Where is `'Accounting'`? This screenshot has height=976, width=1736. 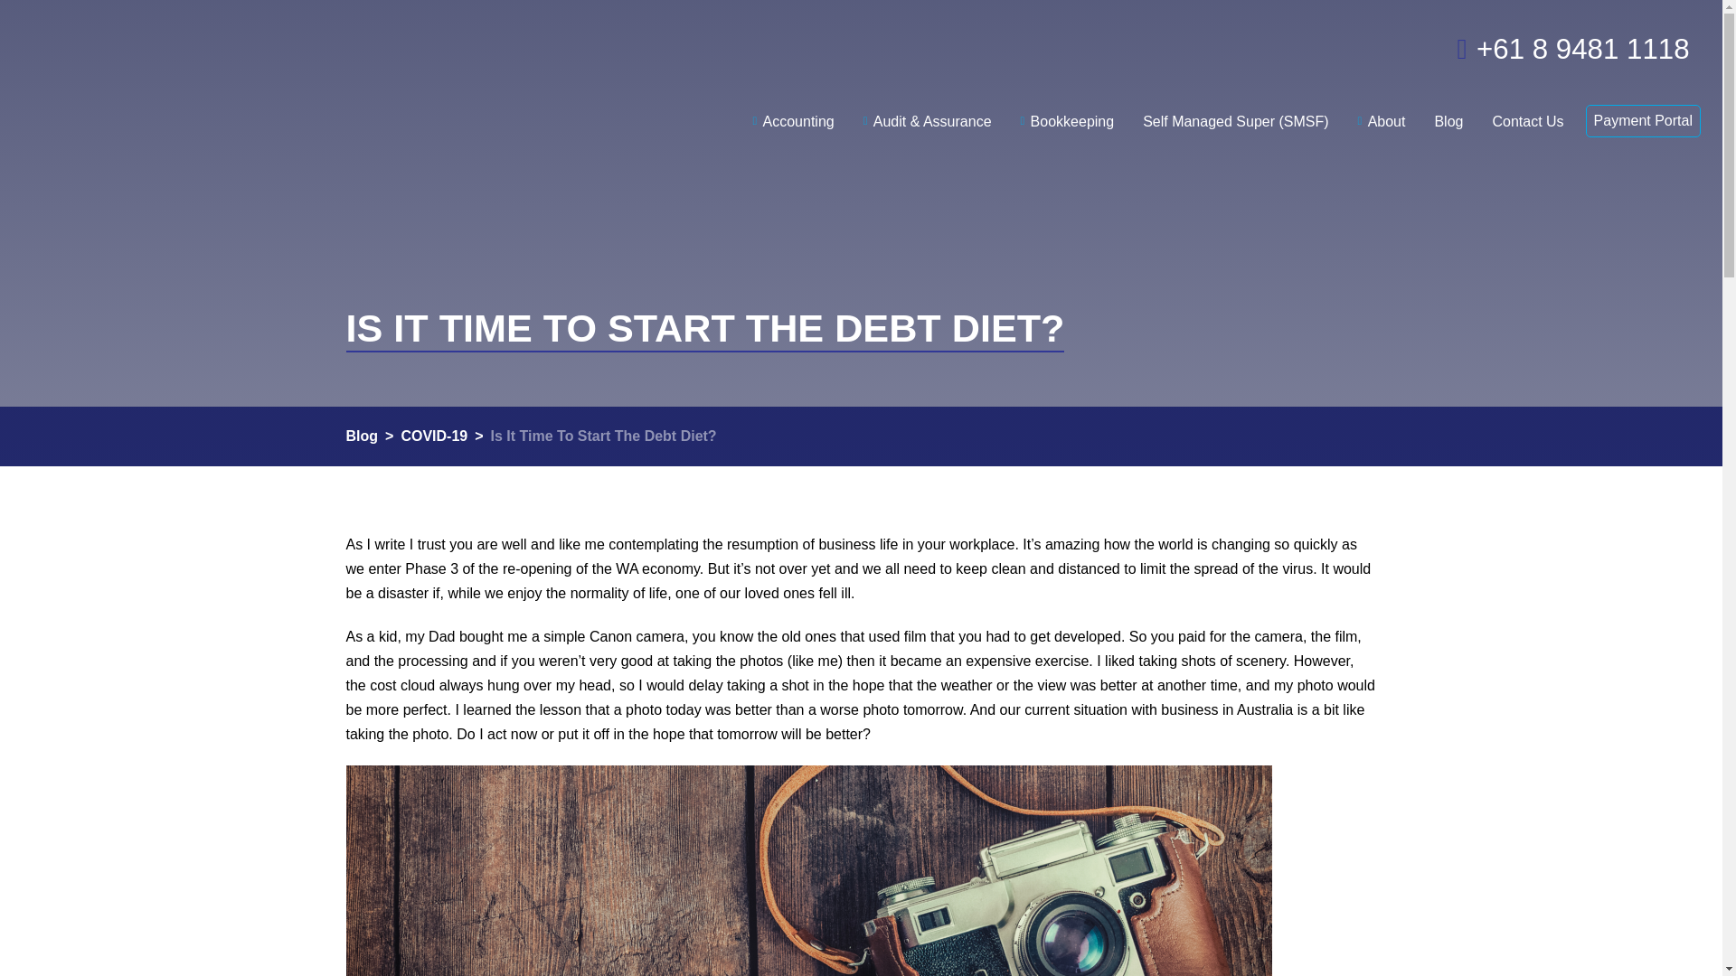 'Accounting' is located at coordinates (793, 108).